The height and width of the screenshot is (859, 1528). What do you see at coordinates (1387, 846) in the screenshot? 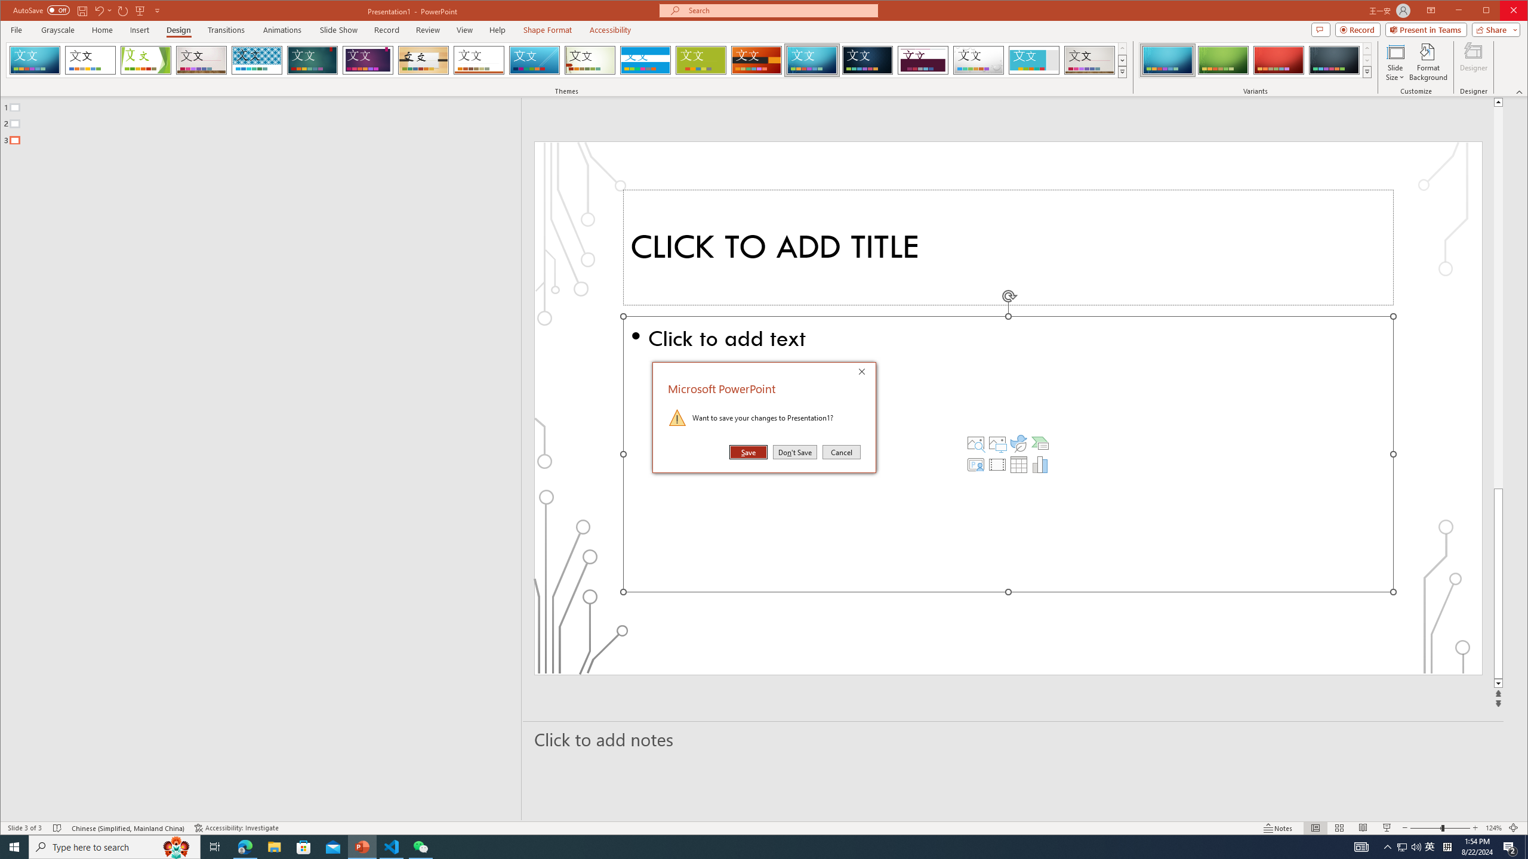
I see `'Notification Chevron'` at bounding box center [1387, 846].